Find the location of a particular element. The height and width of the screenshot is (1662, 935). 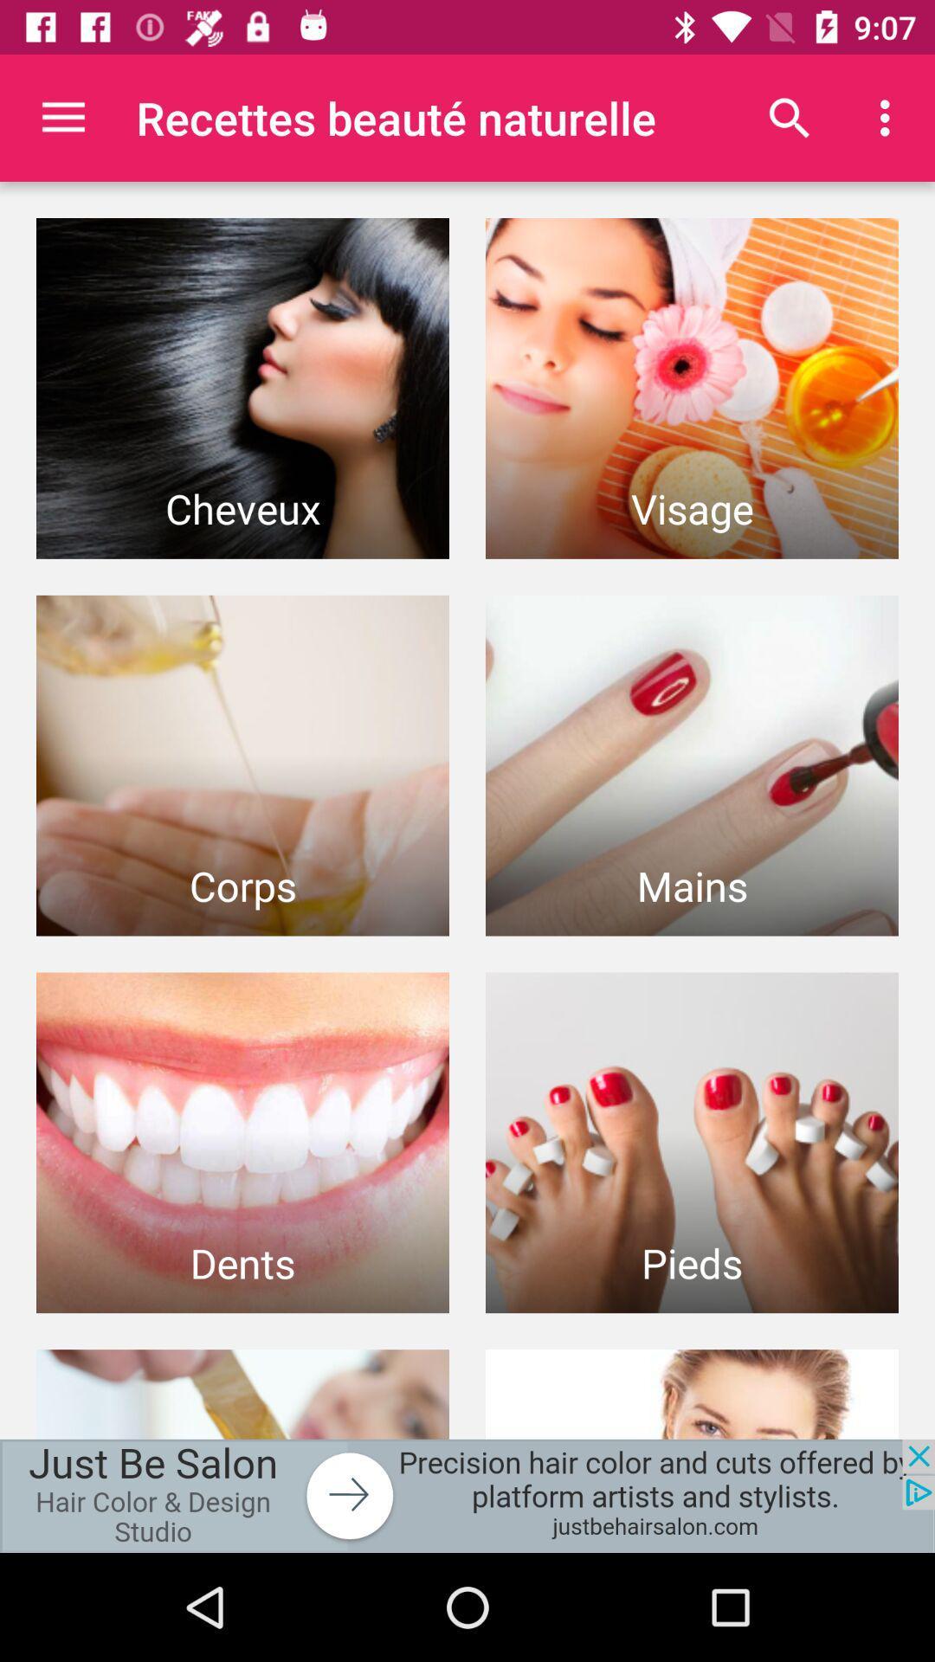

the add is located at coordinates (467, 1495).